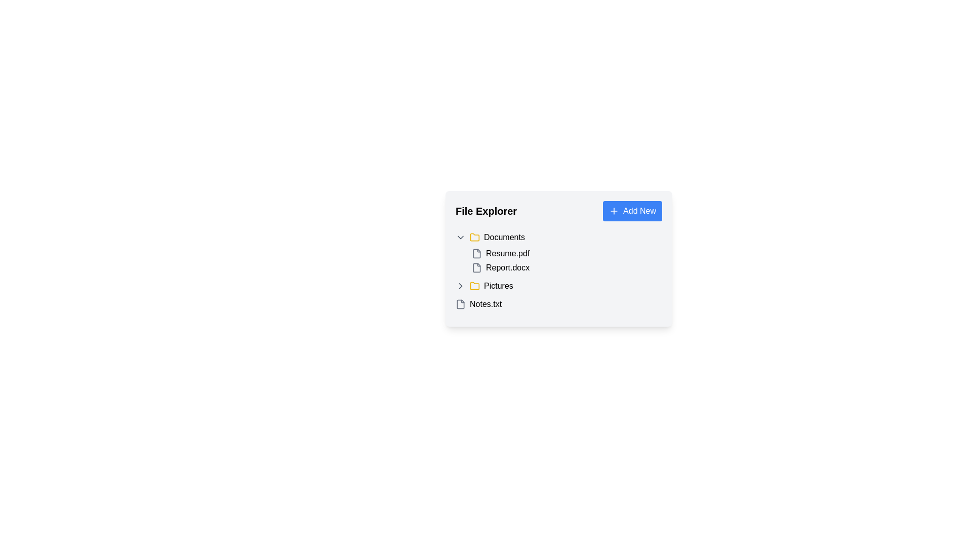  What do you see at coordinates (614, 210) in the screenshot?
I see `the icon located to the left of the 'Add New' text within the 'Add New' button in the top-right section of the interface` at bounding box center [614, 210].